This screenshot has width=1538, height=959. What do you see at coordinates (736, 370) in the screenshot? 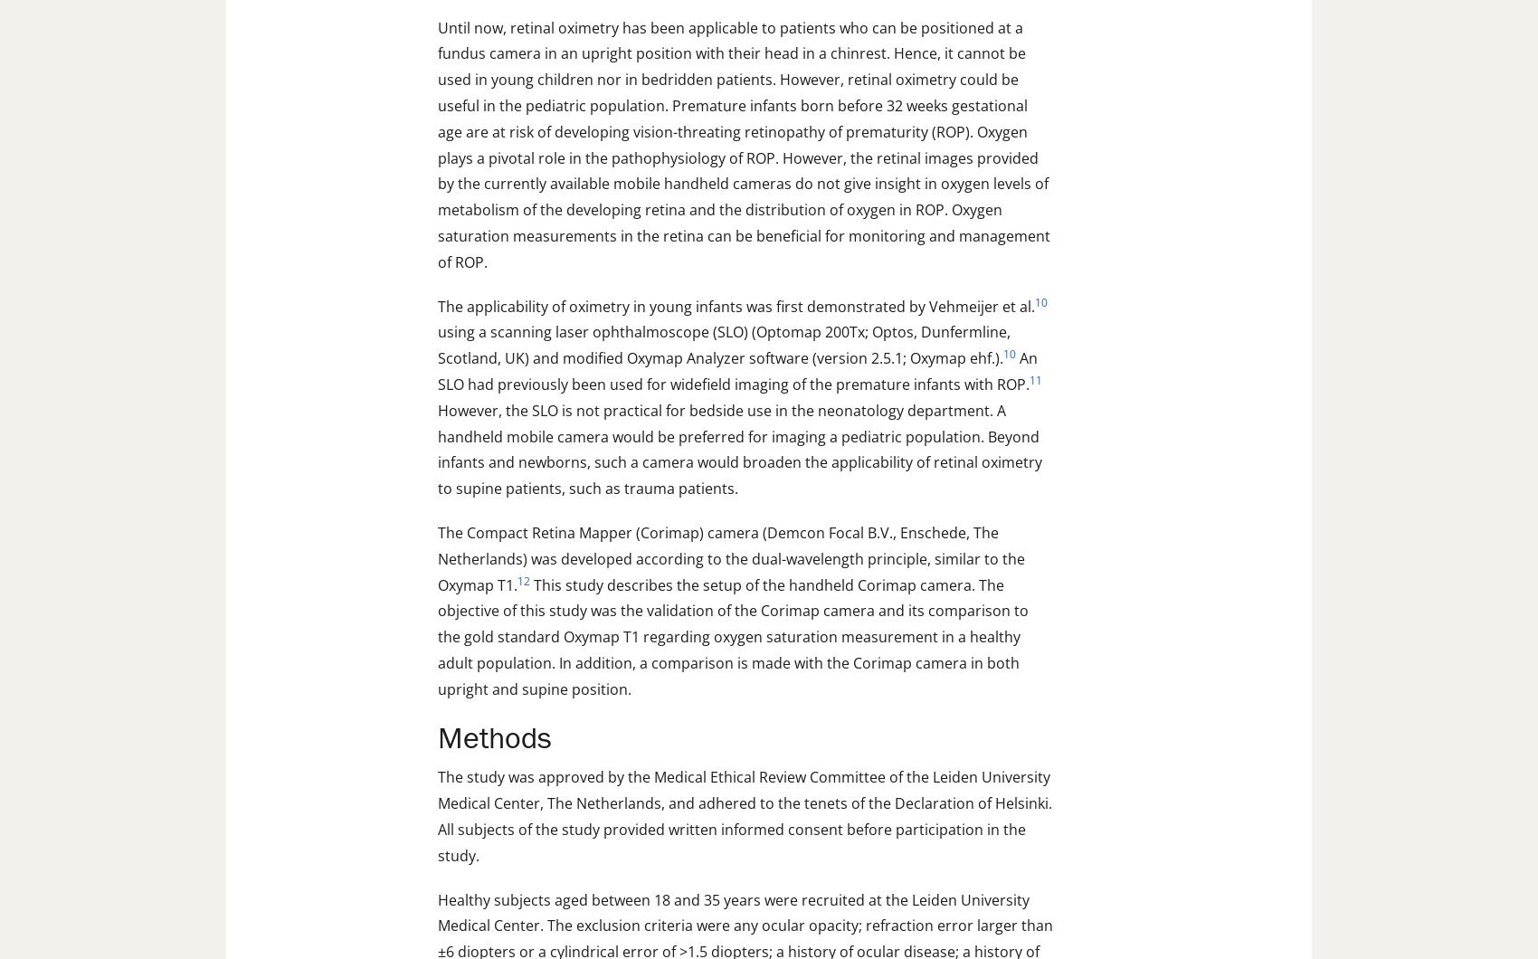
I see `'An SLO had previously been used for widefield imaging of the premature infants with ROP.'` at bounding box center [736, 370].